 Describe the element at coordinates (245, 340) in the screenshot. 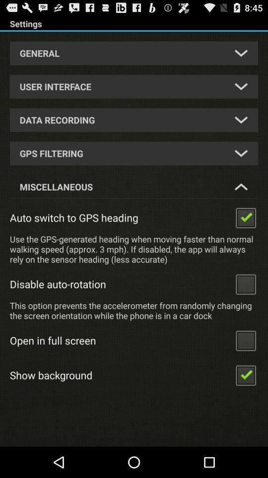

I see `open in full screen` at that location.